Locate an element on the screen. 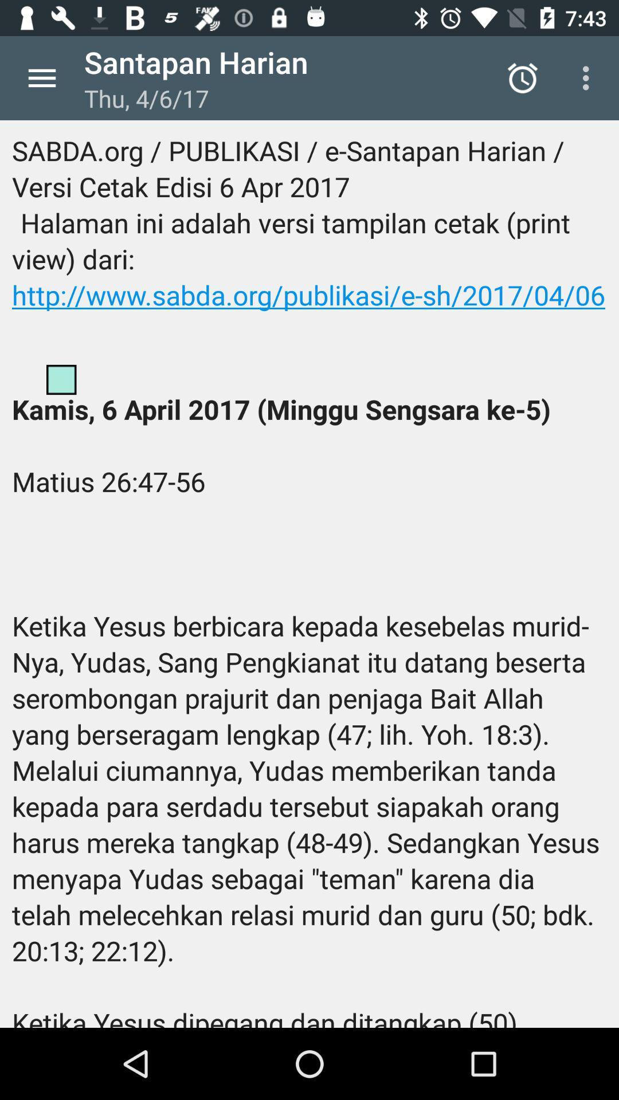 This screenshot has height=1100, width=619. item above sabda org publikasi icon is located at coordinates (41, 77).